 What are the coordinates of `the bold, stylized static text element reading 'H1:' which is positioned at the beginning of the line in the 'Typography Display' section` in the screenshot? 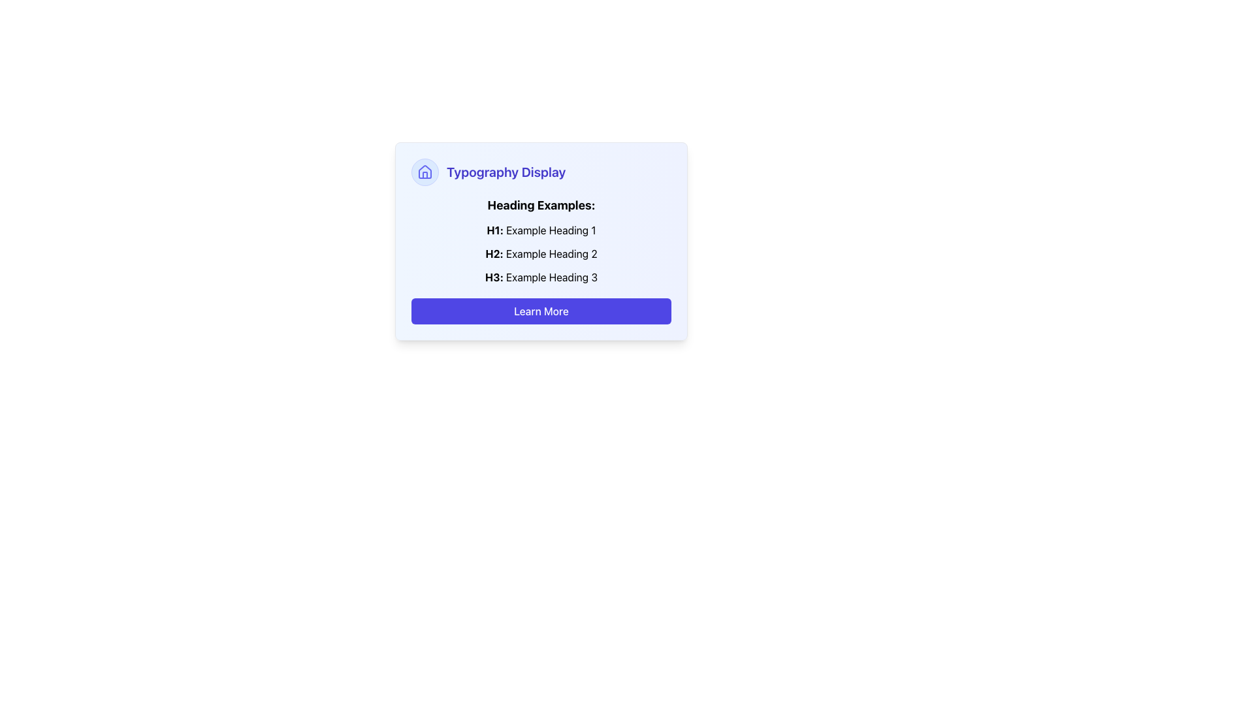 It's located at (494, 230).